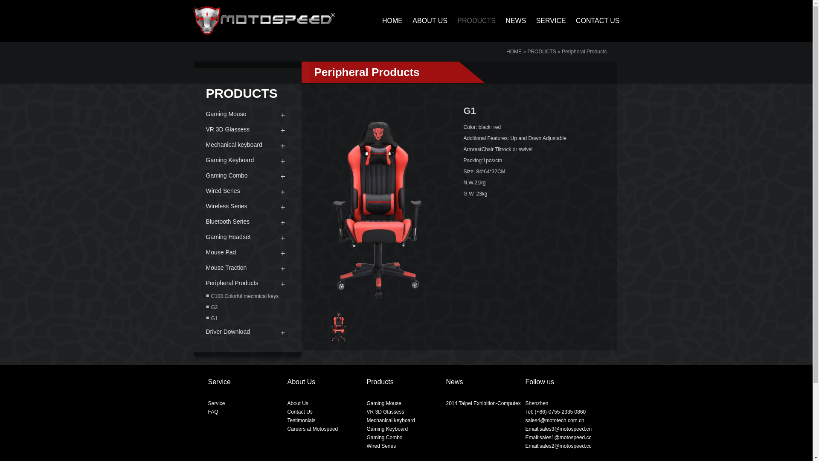 The width and height of the screenshot is (819, 461). Describe the element at coordinates (247, 144) in the screenshot. I see `'Mechanical keyboard'` at that location.